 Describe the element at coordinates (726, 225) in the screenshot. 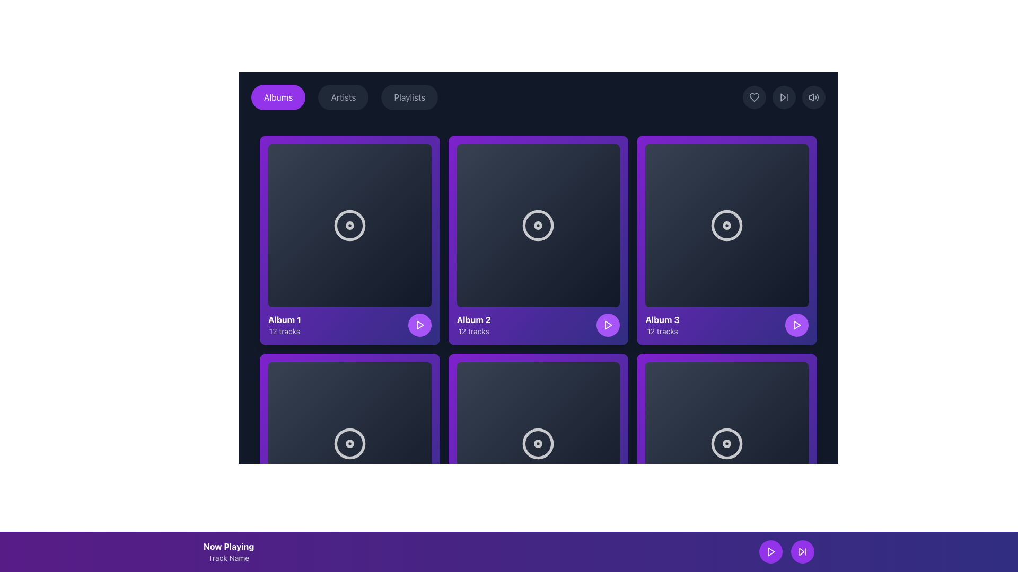

I see `the inner circular icon of the central disc in the third card of the top row in the 'Albums' section, which is styled in white with slight opacity` at that location.